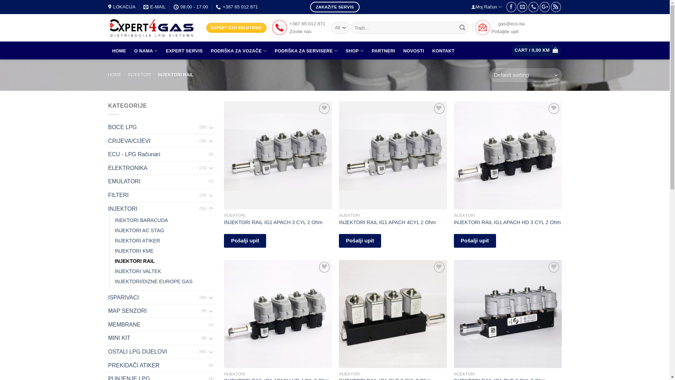 The image size is (675, 380). I want to click on '+387 65 012 871', so click(237, 7).